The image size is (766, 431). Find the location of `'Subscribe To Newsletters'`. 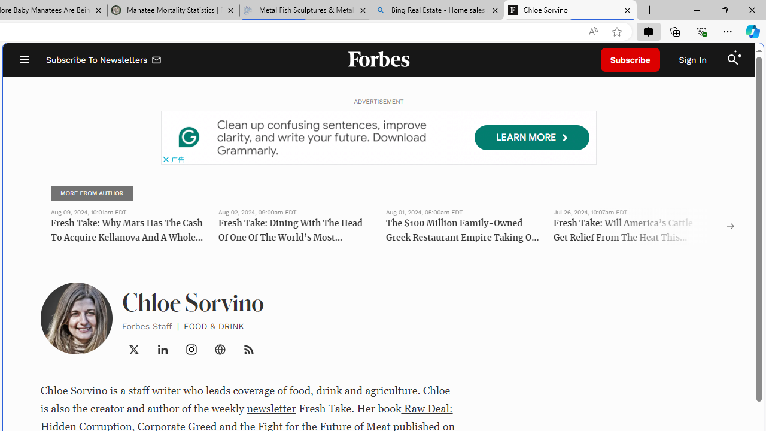

'Subscribe To Newsletters' is located at coordinates (104, 60).